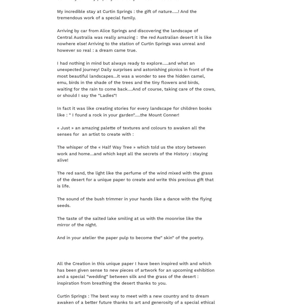 The image size is (285, 305). Describe the element at coordinates (134, 202) in the screenshot. I see `'The sound of the bush trimmer in your hands like a dance with the flying seeds.'` at that location.